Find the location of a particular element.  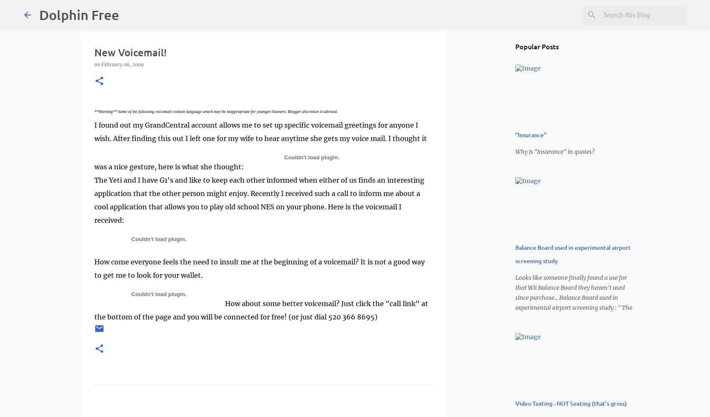

'"Insurance"' is located at coordinates (515, 134).